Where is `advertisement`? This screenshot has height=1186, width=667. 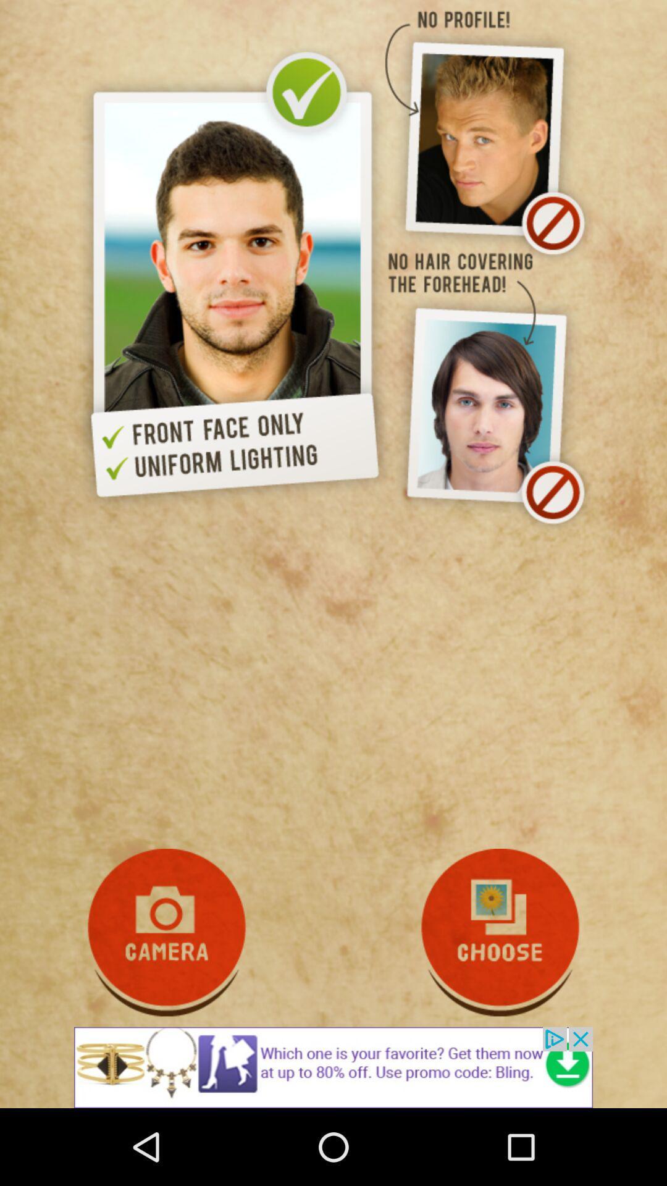 advertisement is located at coordinates (333, 1067).